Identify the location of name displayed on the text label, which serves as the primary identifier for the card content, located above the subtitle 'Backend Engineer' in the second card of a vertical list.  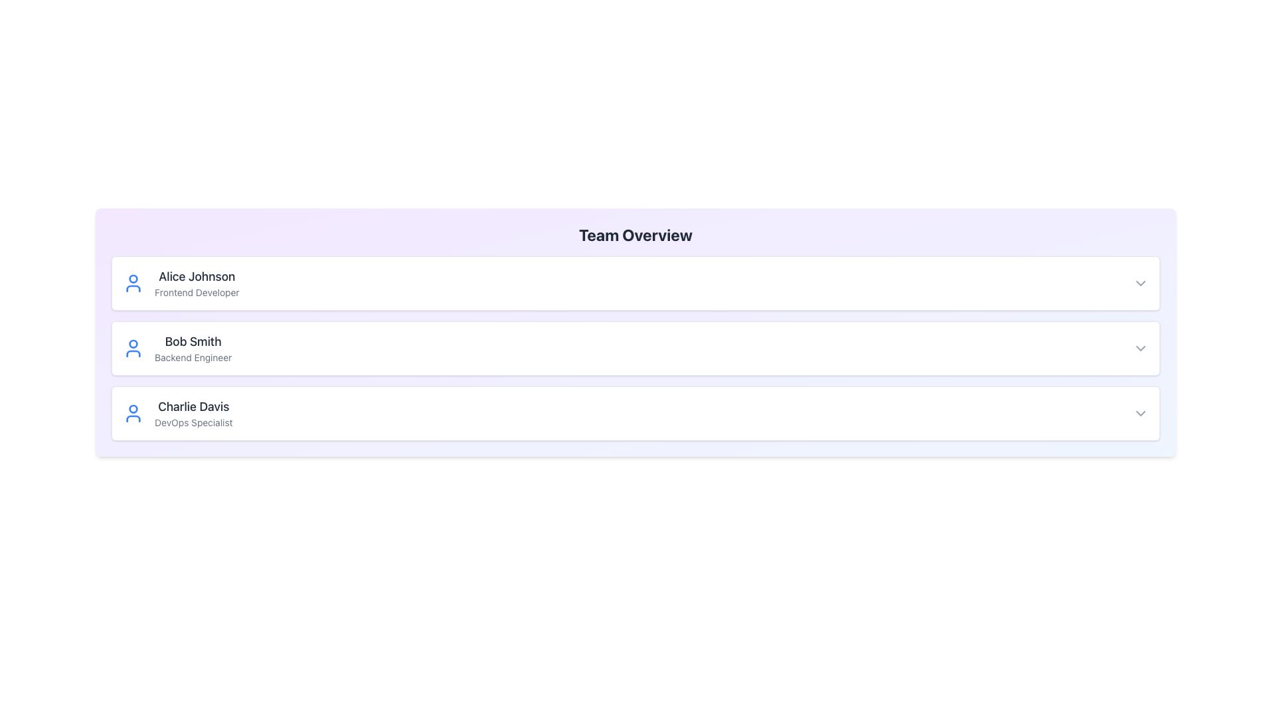
(193, 341).